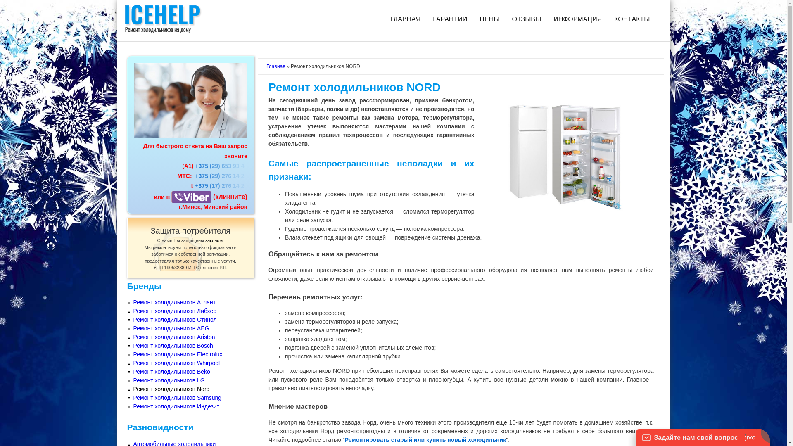 This screenshot has width=793, height=446. Describe the element at coordinates (221, 186) in the screenshot. I see `'+375 (17) 276 14 2'` at that location.